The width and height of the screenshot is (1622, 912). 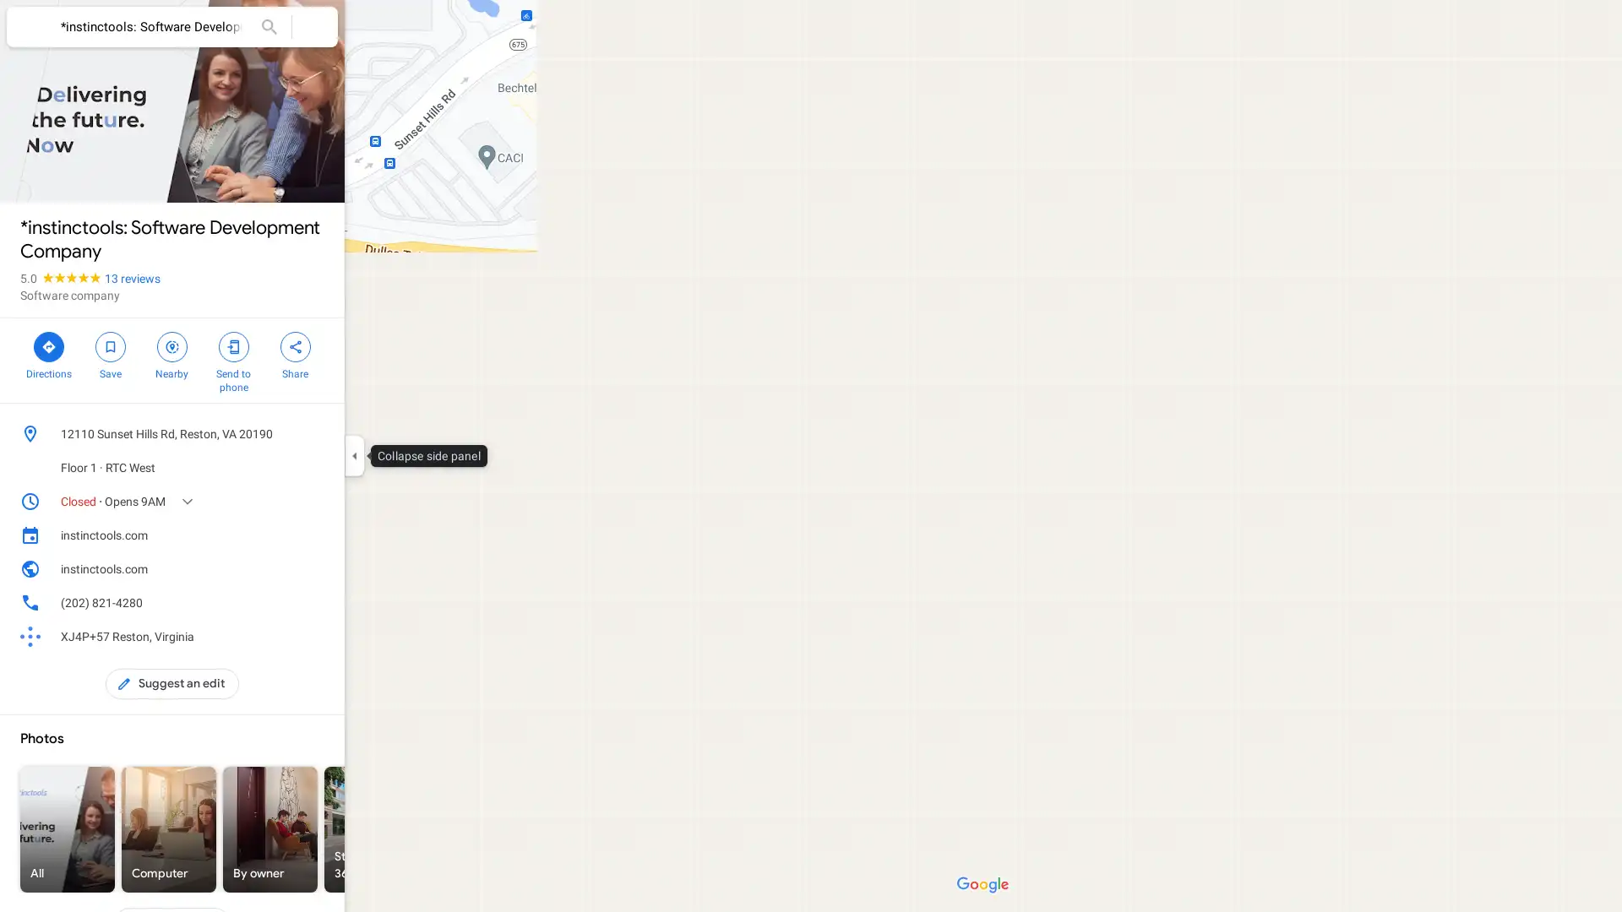 What do you see at coordinates (61, 175) in the screenshot?
I see `19 photos` at bounding box center [61, 175].